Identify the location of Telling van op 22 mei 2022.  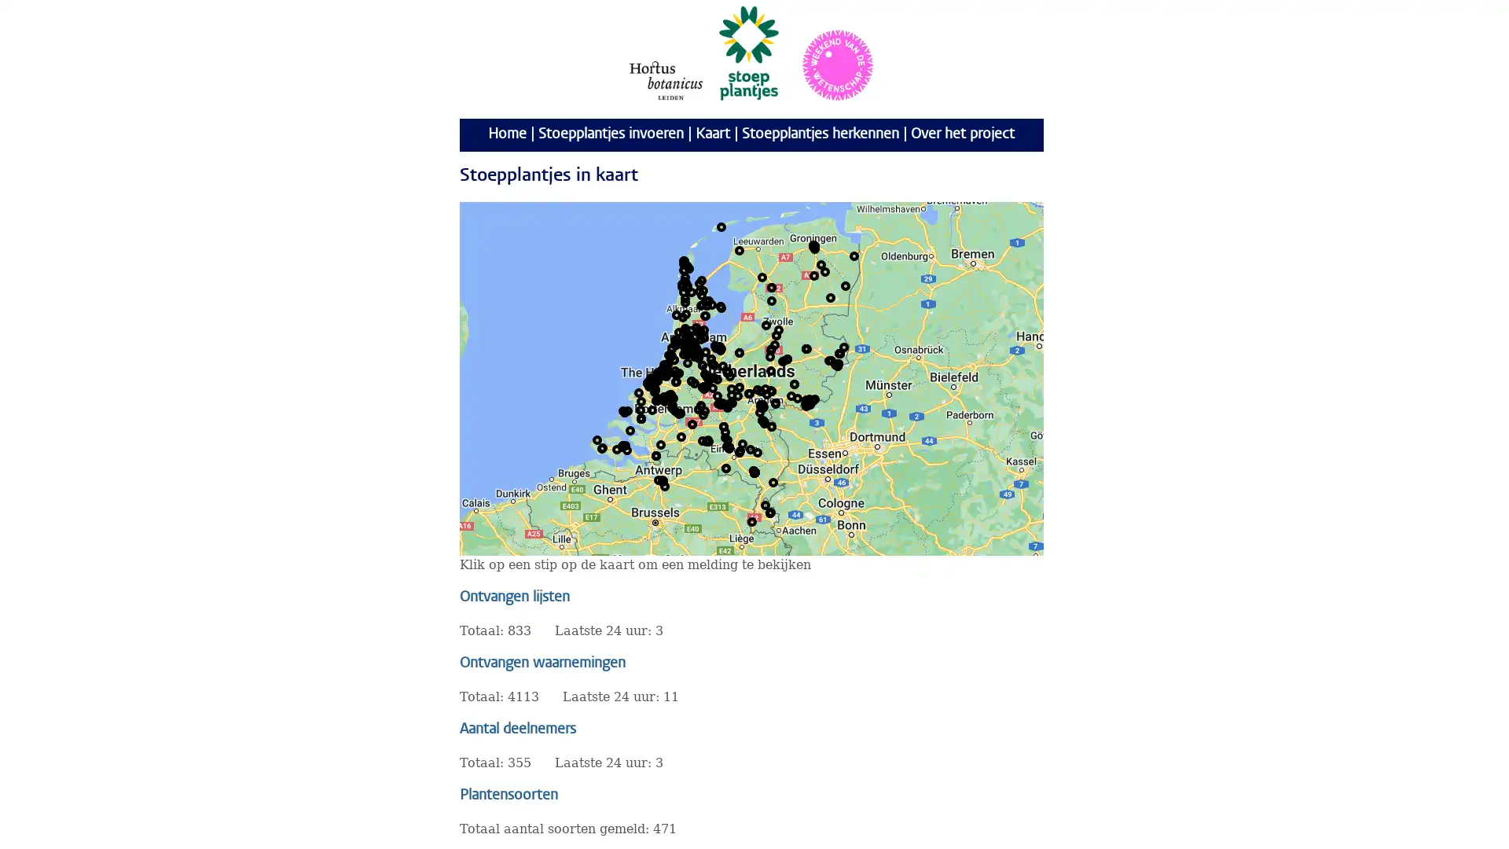
(664, 399).